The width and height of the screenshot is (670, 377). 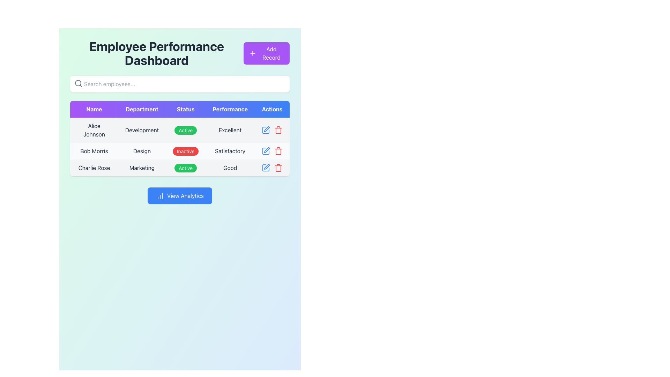 What do you see at coordinates (142, 150) in the screenshot?
I see `the text label displaying 'Design' in black font located in the second column of the second row of the table for 'Bob Morris'` at bounding box center [142, 150].